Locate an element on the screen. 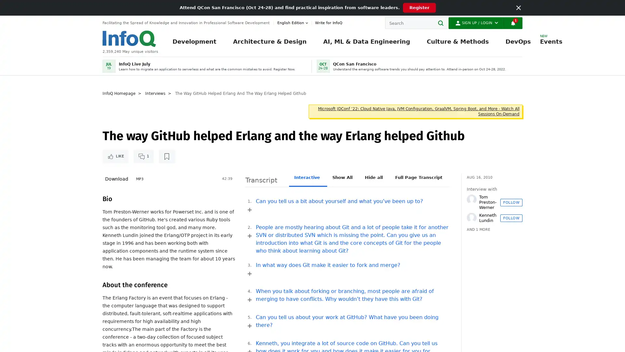  AND 1 MORE is located at coordinates (478, 229).